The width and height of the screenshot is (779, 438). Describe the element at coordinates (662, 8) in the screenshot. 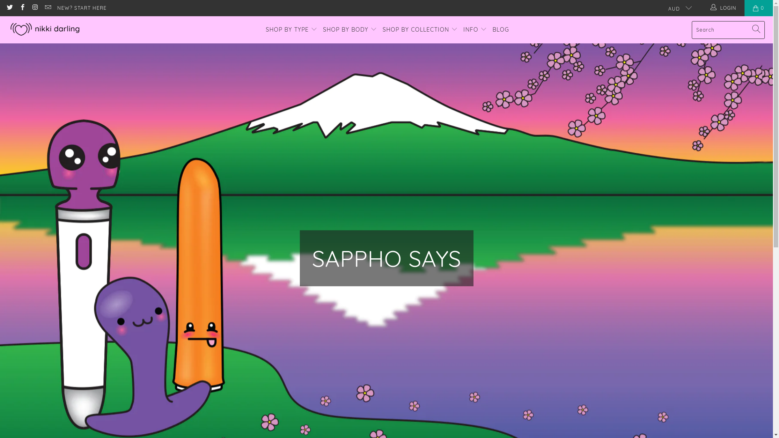

I see `'AUD'` at that location.